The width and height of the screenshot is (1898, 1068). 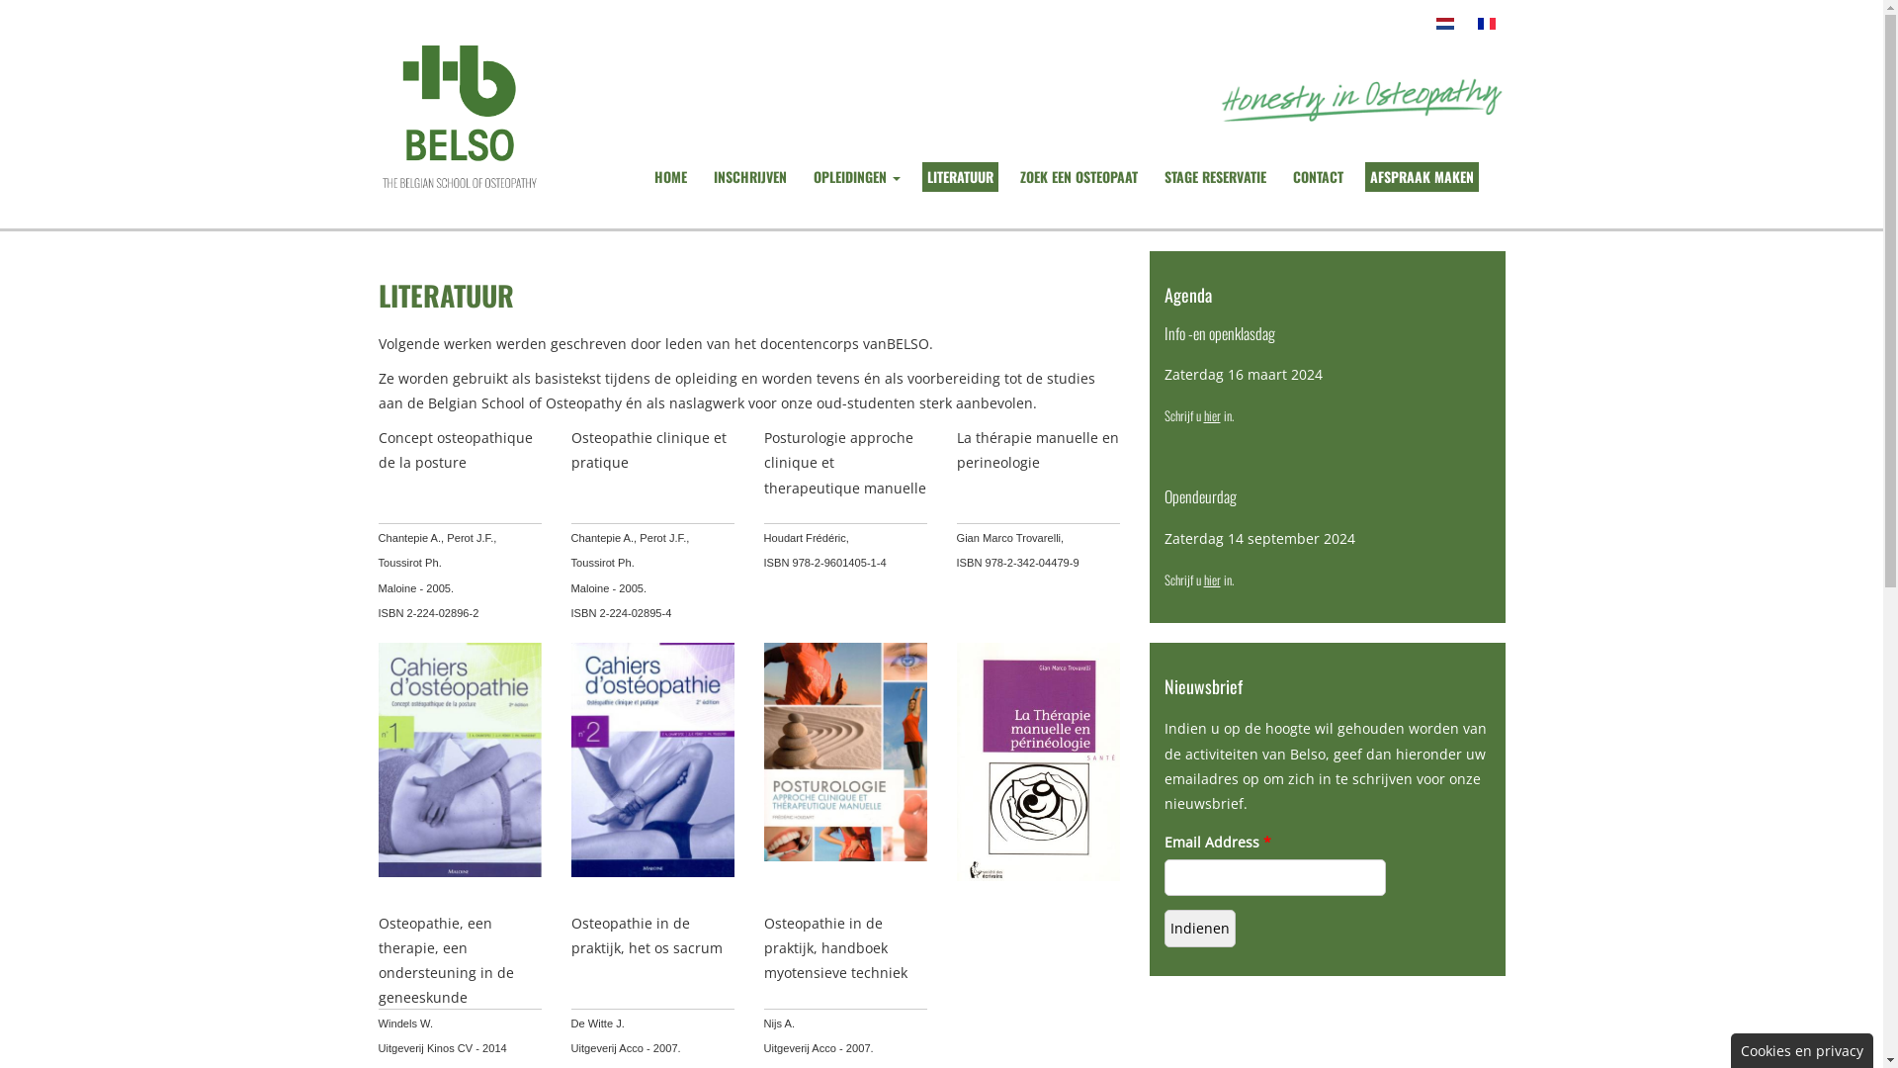 I want to click on 'AFSPRAAK MAKEN', so click(x=1363, y=175).